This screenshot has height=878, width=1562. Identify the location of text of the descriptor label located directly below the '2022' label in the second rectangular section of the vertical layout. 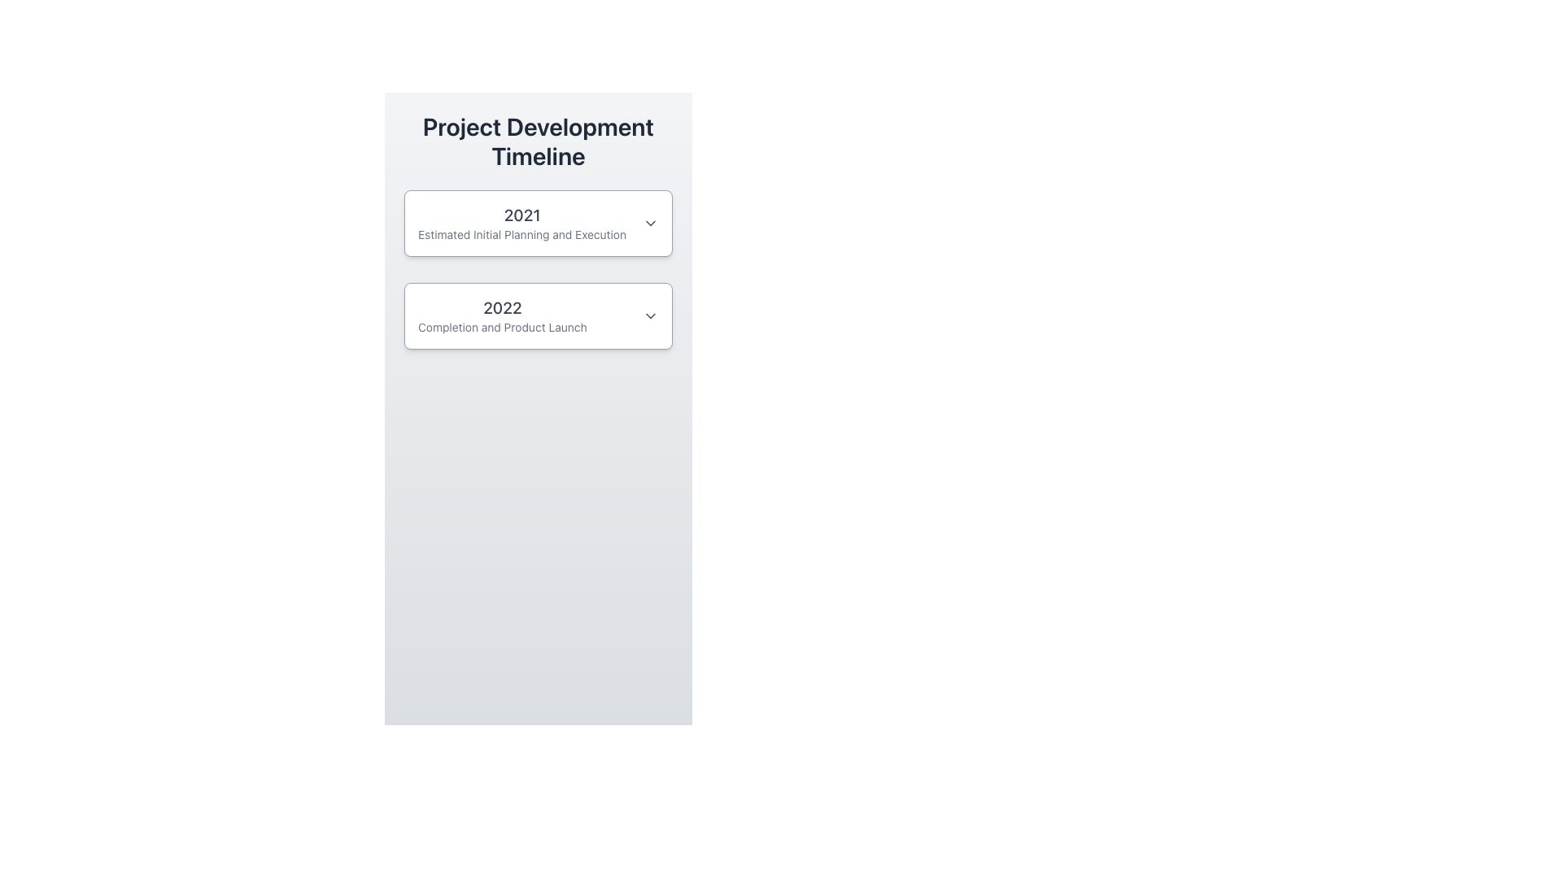
(501, 327).